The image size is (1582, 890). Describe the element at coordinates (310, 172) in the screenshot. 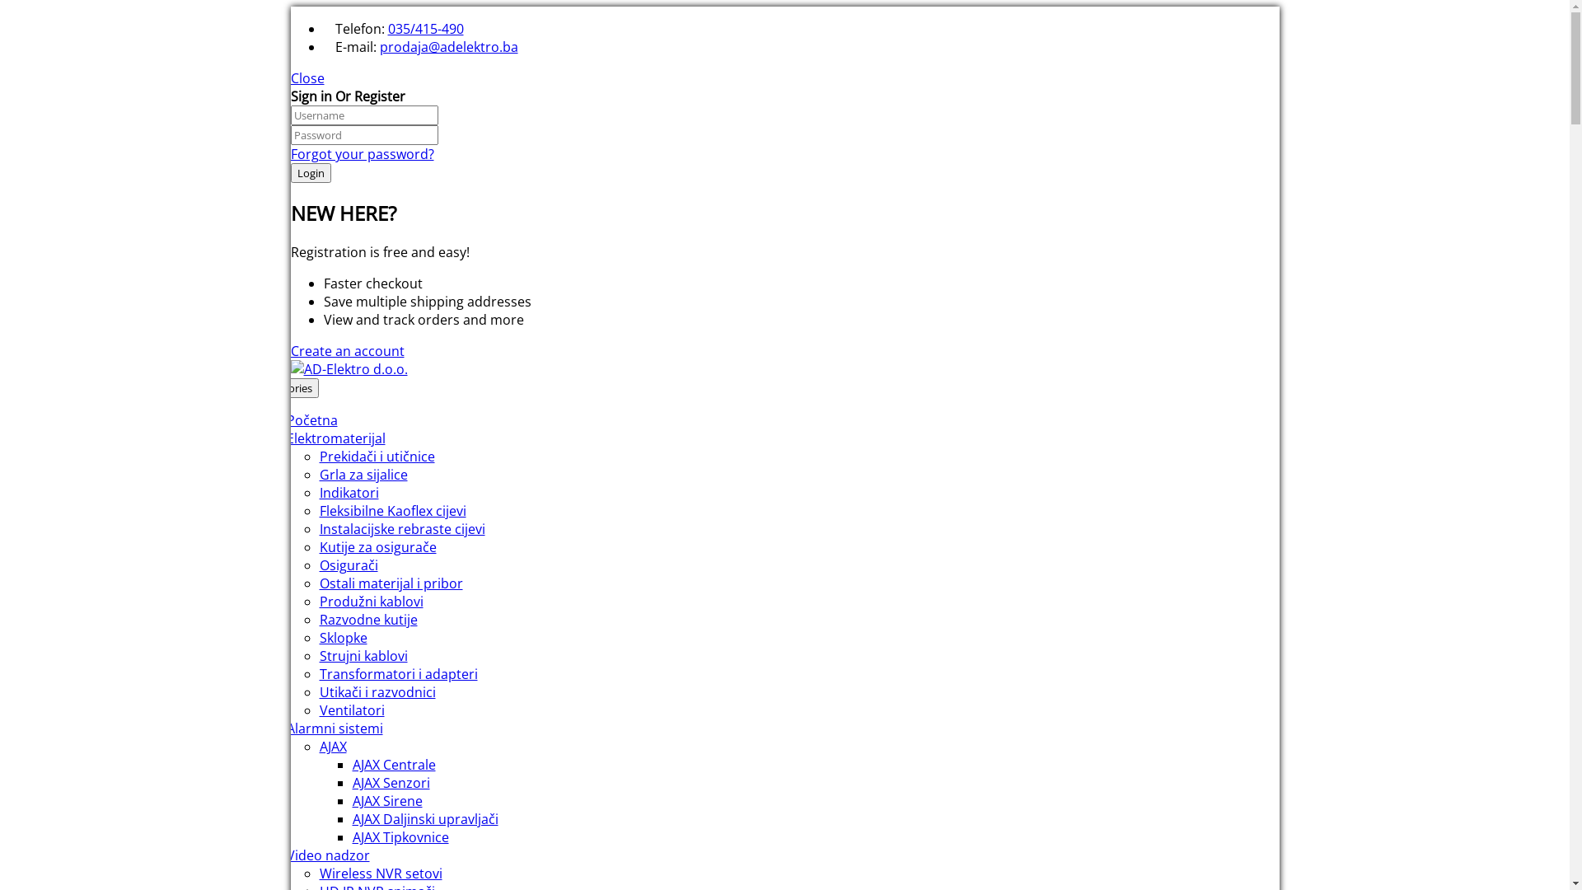

I see `'Login'` at that location.